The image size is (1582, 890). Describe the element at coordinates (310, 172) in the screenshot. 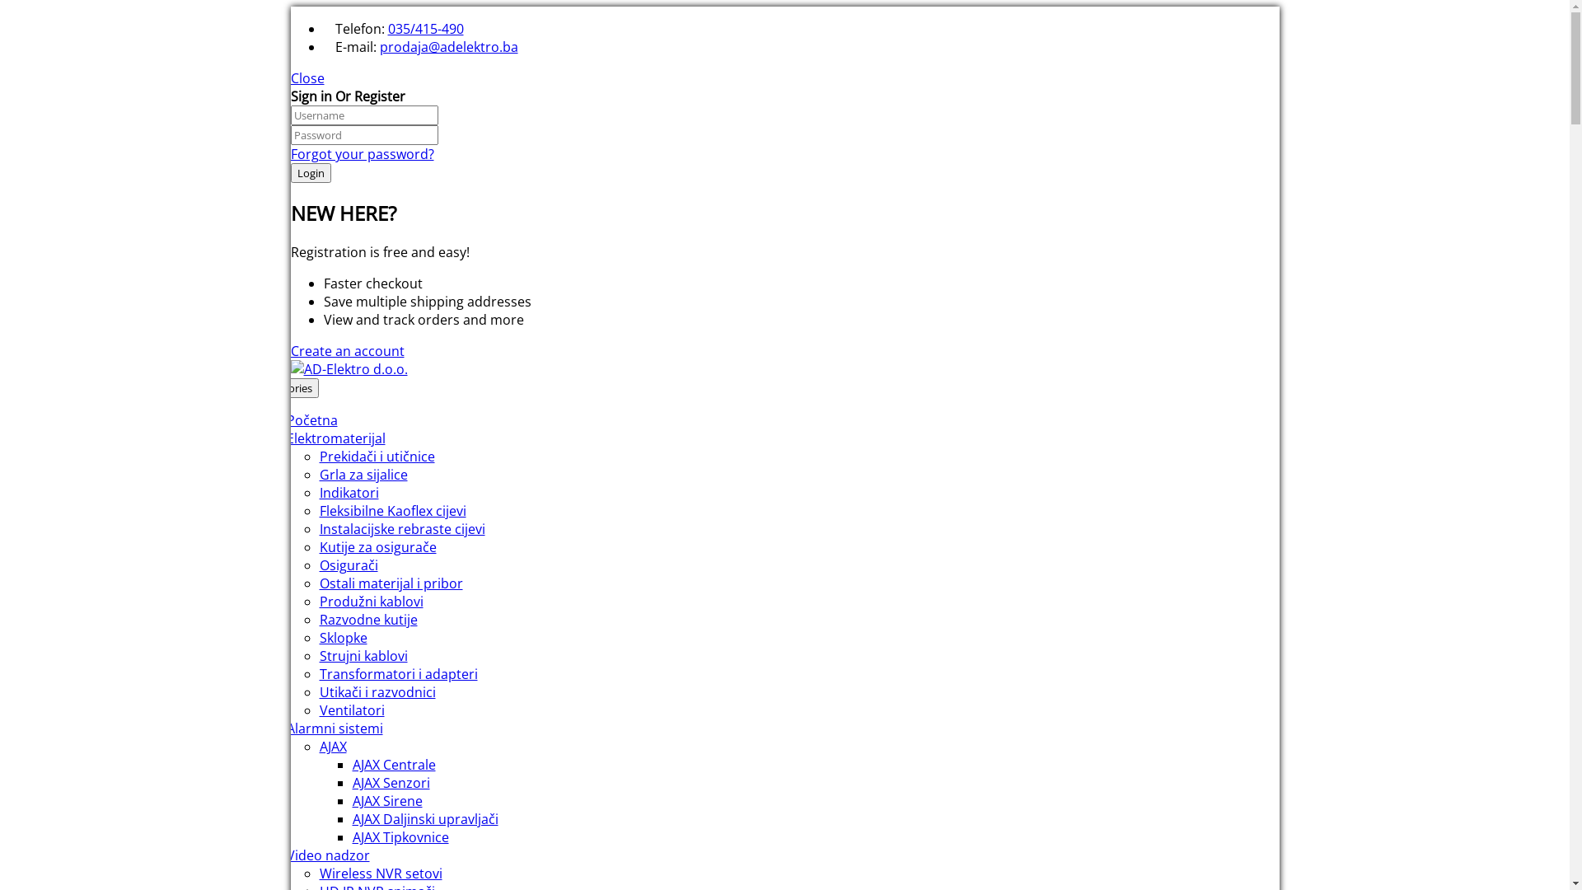

I see `'Login'` at that location.